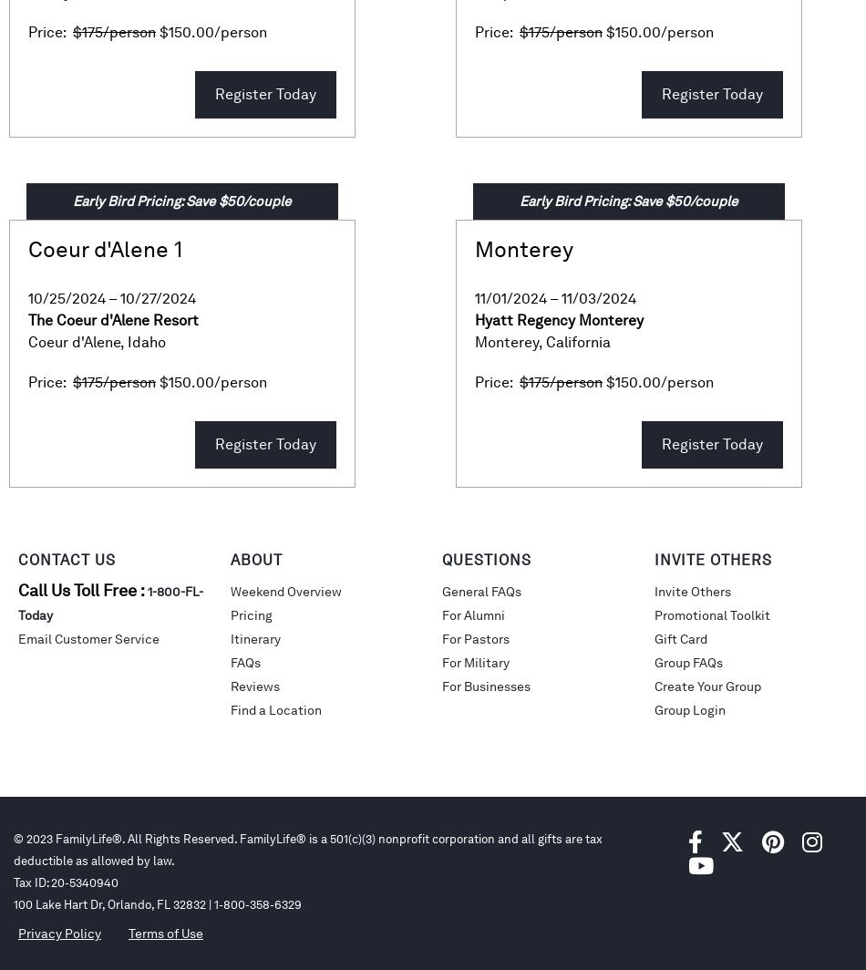  Describe the element at coordinates (559, 320) in the screenshot. I see `'Hyatt Regency Monterey'` at that location.